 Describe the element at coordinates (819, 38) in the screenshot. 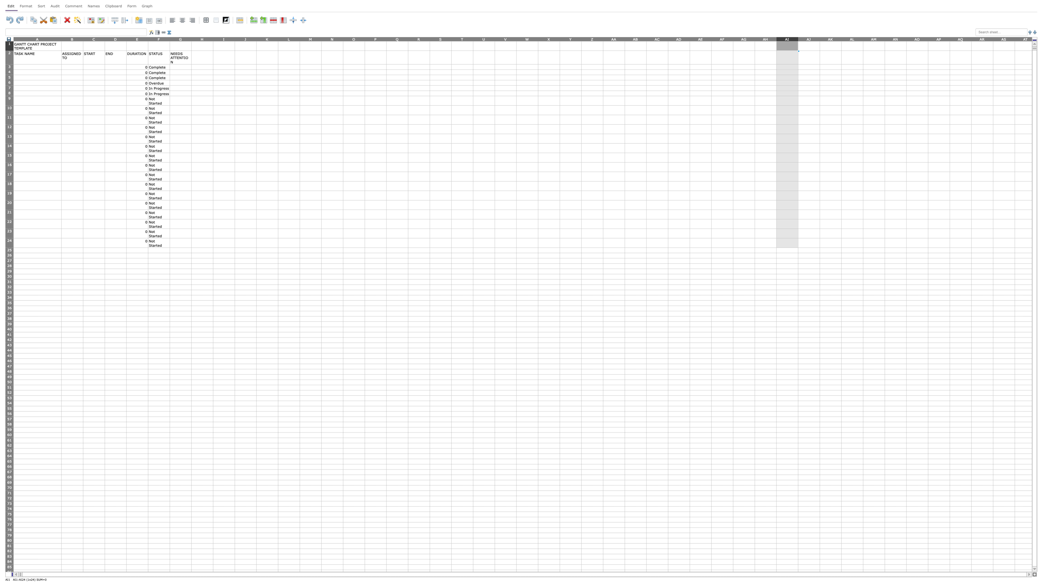

I see `column AJ's right edge for resizing` at that location.